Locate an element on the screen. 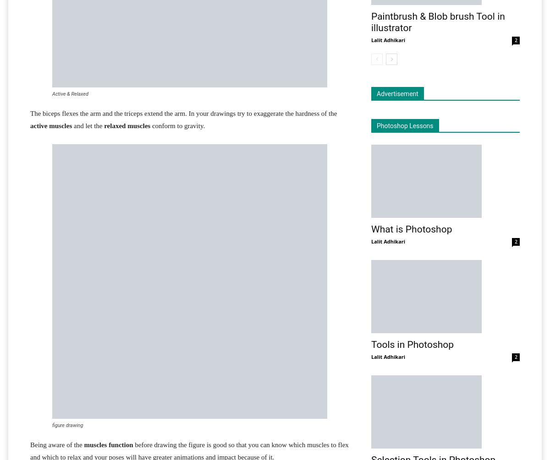 The image size is (550, 460). 'Tools in Photoshop' is located at coordinates (412, 345).